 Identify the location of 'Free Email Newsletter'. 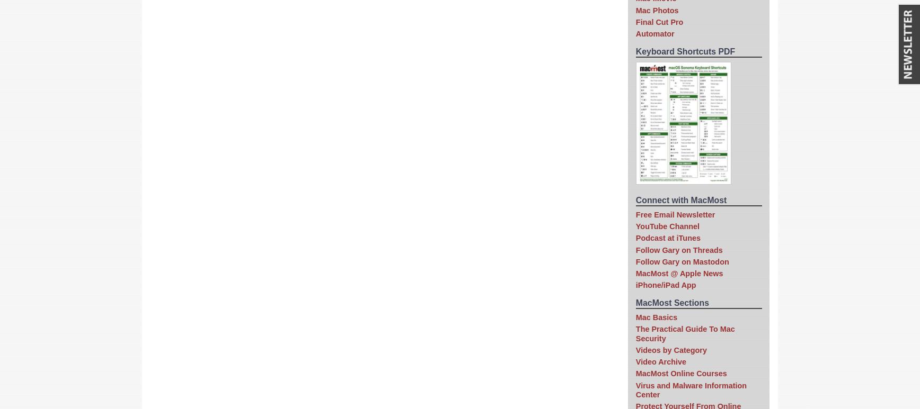
(675, 213).